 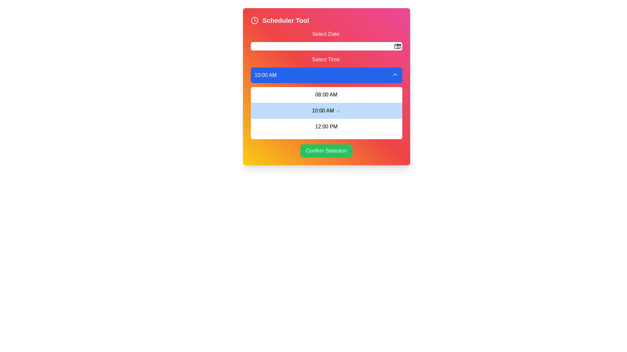 What do you see at coordinates (396, 46) in the screenshot?
I see `the calendar icon located at the far right of the date input field labeled 'Select Date:', which features a minimalistic grayish square outline with tick marks` at bounding box center [396, 46].